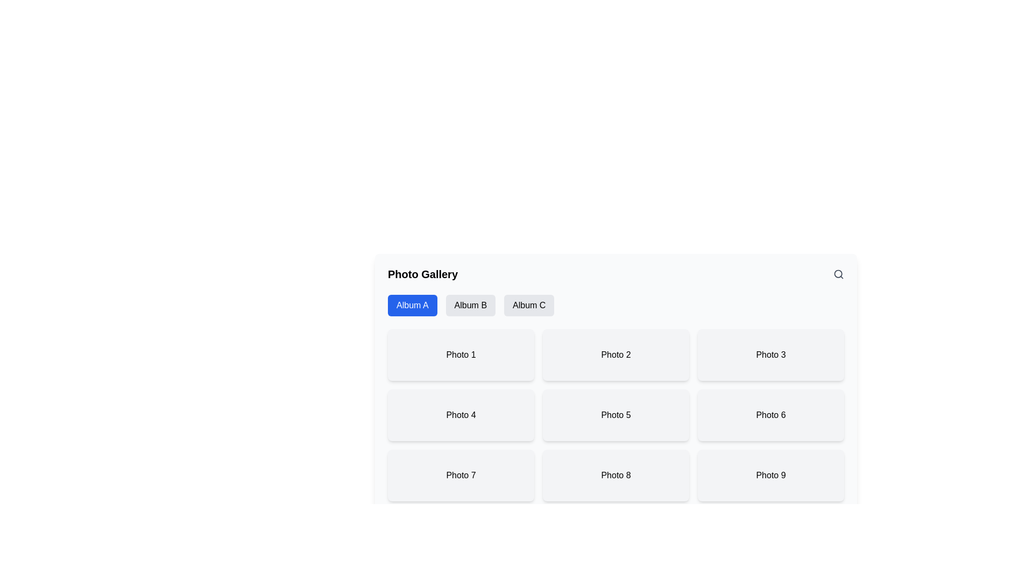  What do you see at coordinates (422, 273) in the screenshot?
I see `the text label that serves as a non-interactive header for the photo gallery, located at the far left above the album tabs` at bounding box center [422, 273].